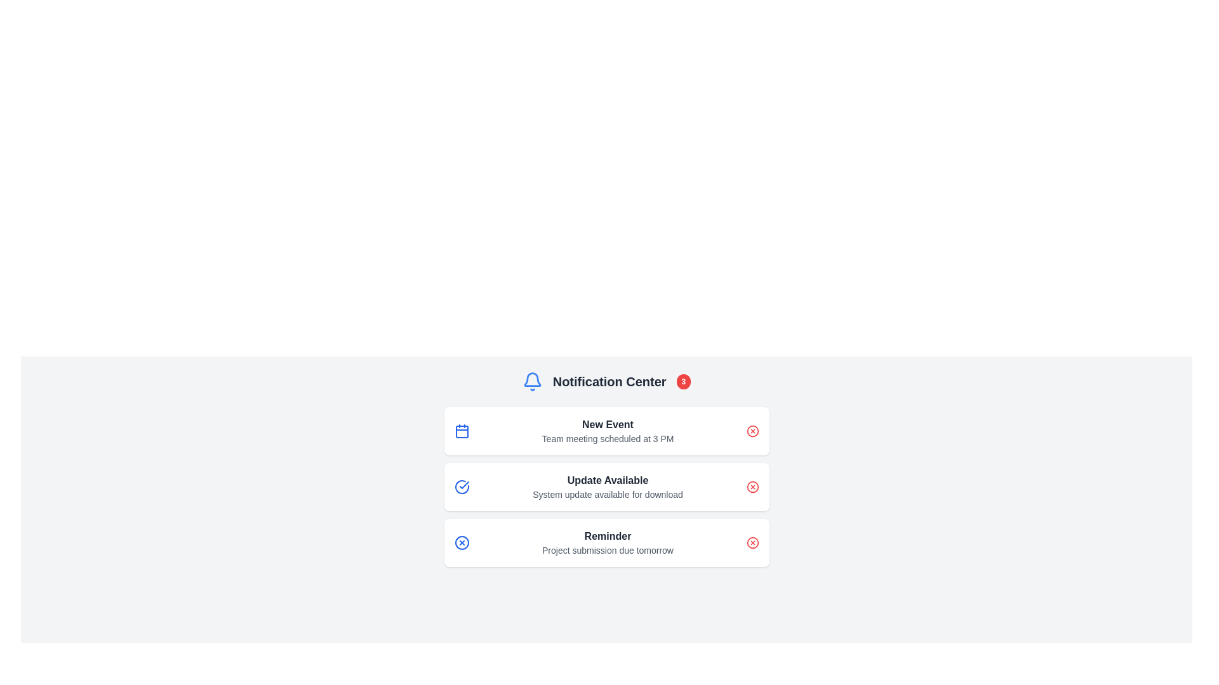 This screenshot has width=1219, height=685. What do you see at coordinates (606, 430) in the screenshot?
I see `the first notification card labeled 'New Event' in the Notification Center` at bounding box center [606, 430].